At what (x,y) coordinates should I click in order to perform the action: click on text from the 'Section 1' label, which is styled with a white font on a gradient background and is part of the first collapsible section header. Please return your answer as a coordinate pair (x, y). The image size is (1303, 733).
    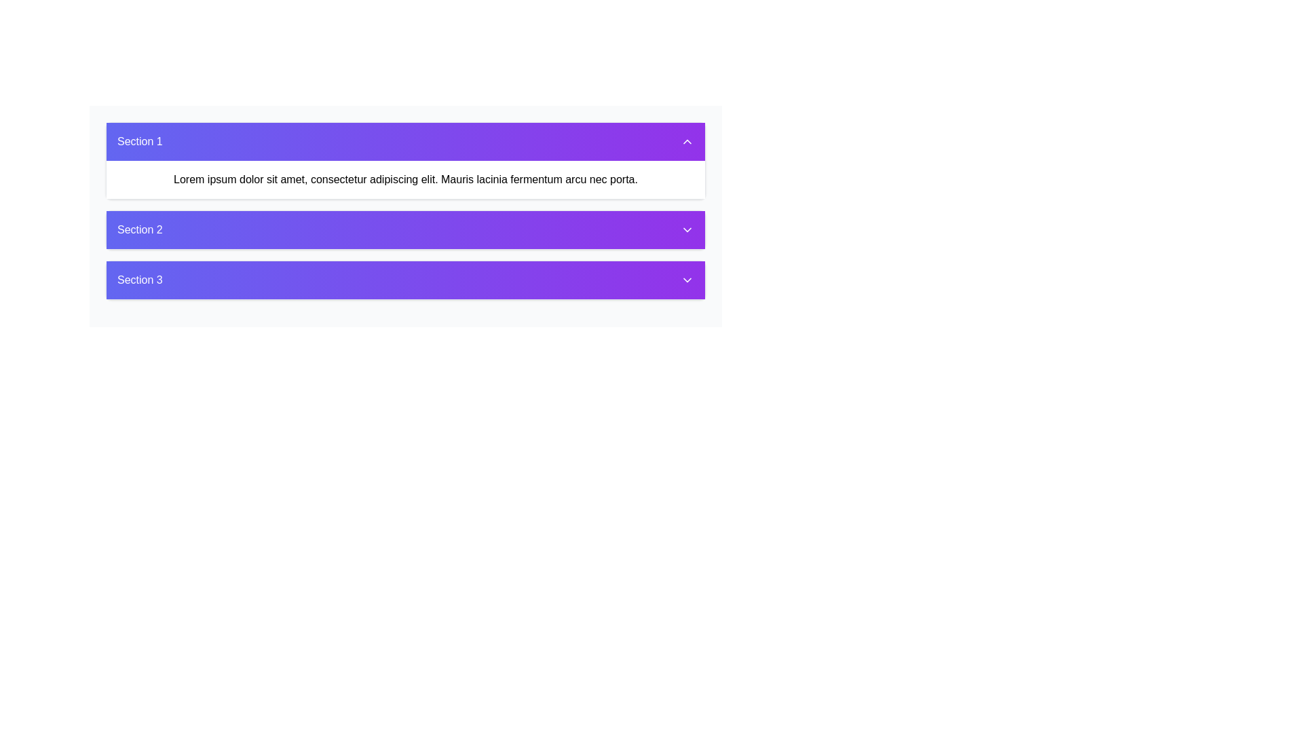
    Looking at the image, I should click on (140, 141).